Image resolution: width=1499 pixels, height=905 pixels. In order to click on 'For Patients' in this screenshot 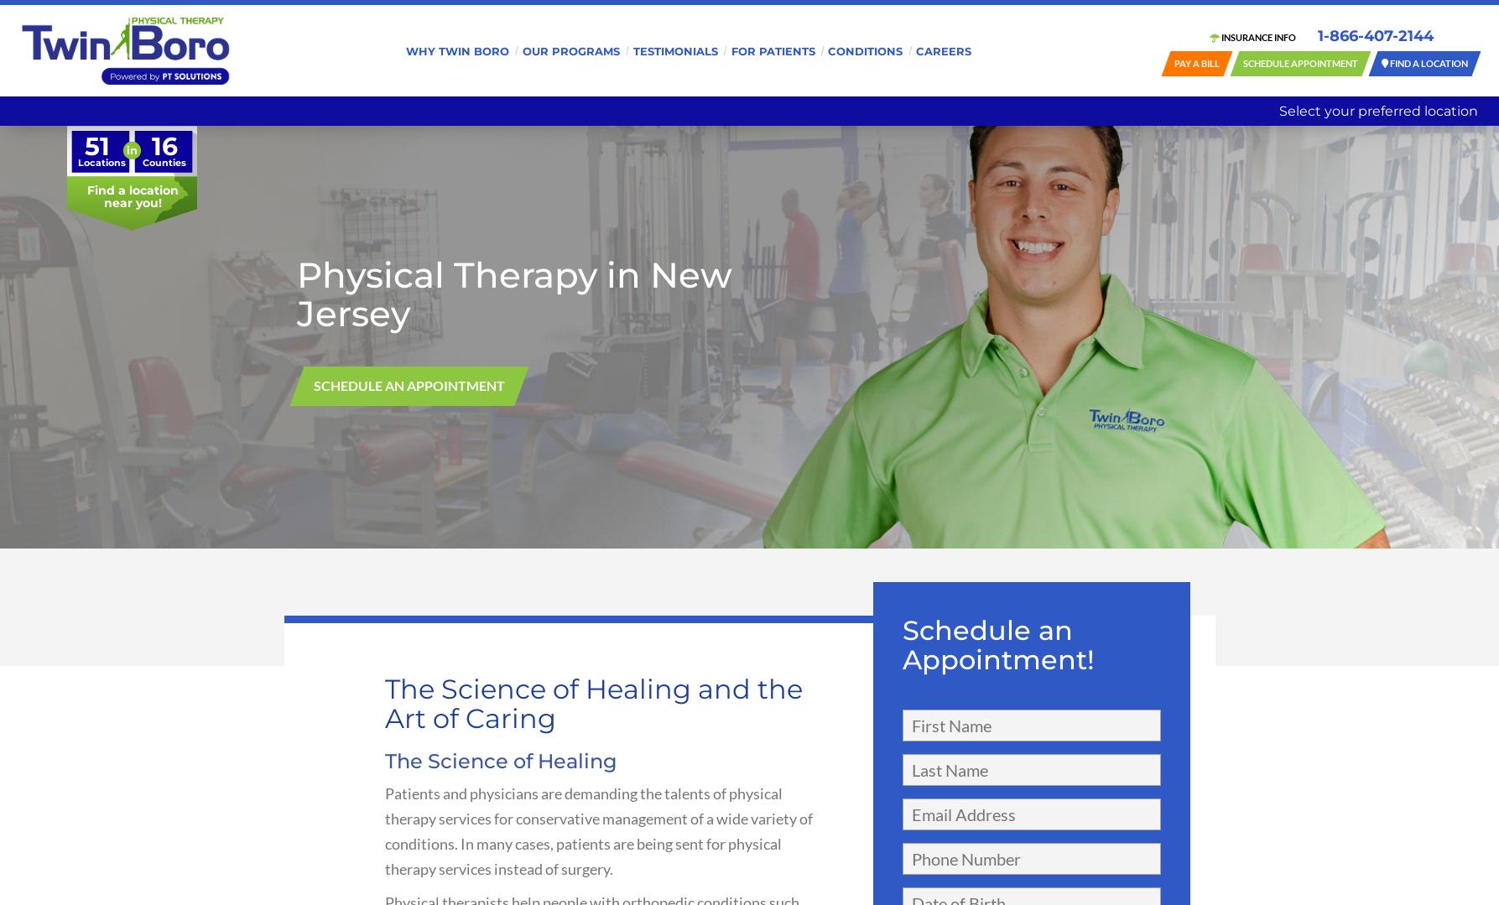, I will do `click(772, 49)`.